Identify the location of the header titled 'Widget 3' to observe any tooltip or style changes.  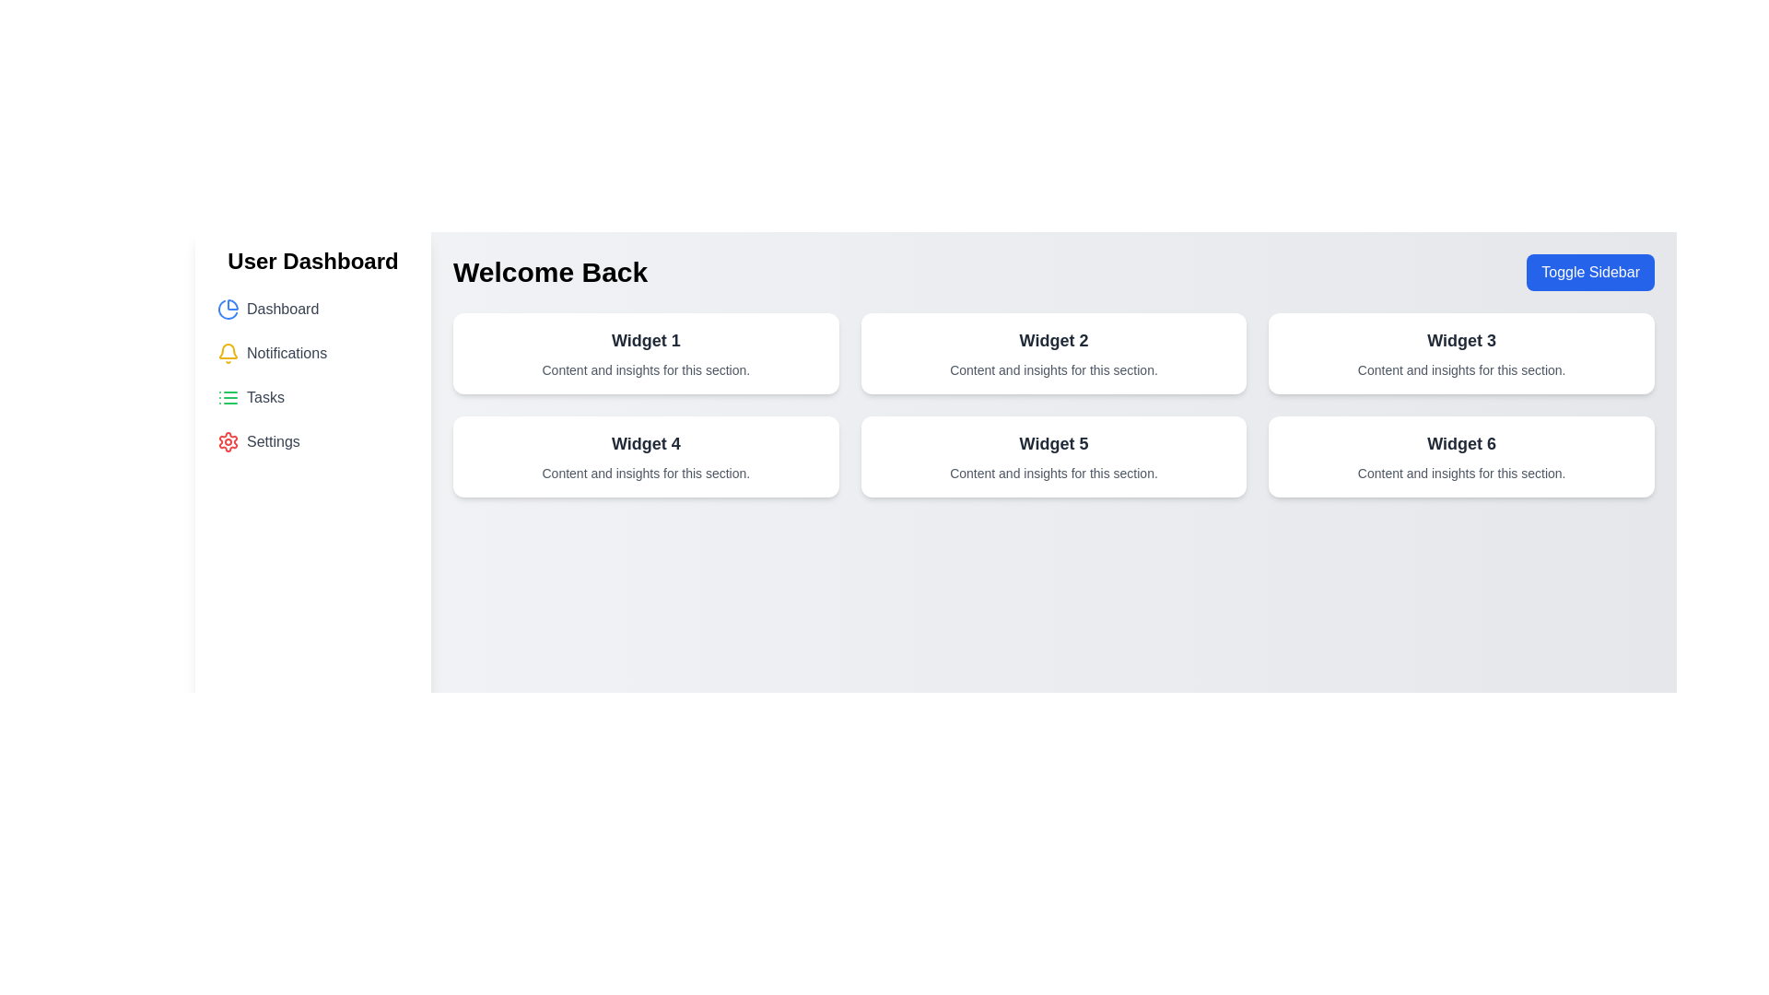
(1460, 341).